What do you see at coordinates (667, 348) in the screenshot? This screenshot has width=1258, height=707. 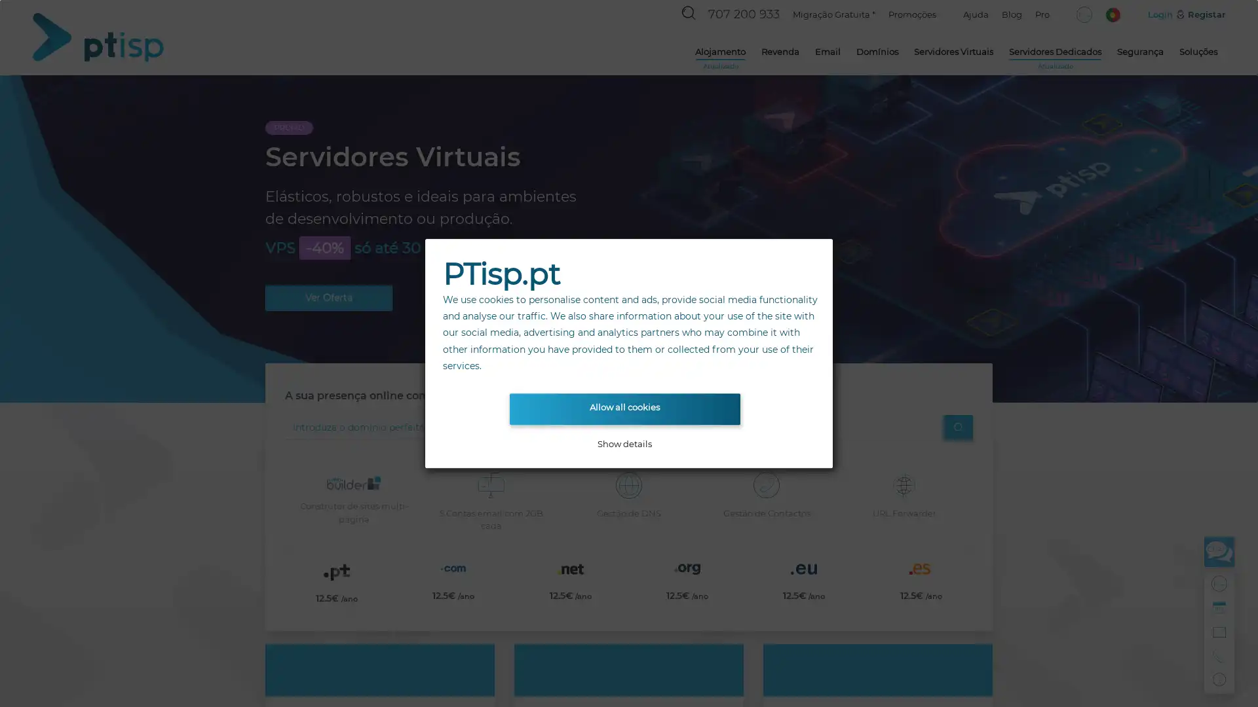 I see `Go to slide 4` at bounding box center [667, 348].